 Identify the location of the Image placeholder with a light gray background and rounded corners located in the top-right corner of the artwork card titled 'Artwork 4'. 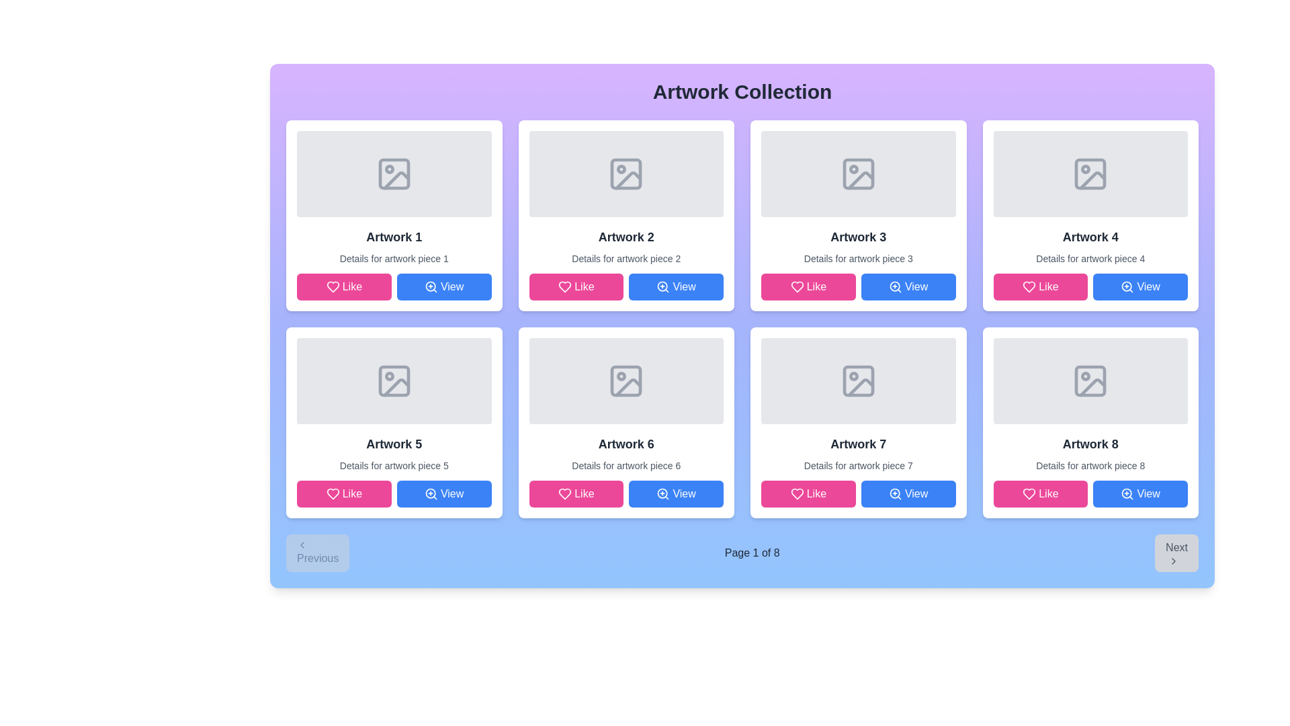
(1090, 173).